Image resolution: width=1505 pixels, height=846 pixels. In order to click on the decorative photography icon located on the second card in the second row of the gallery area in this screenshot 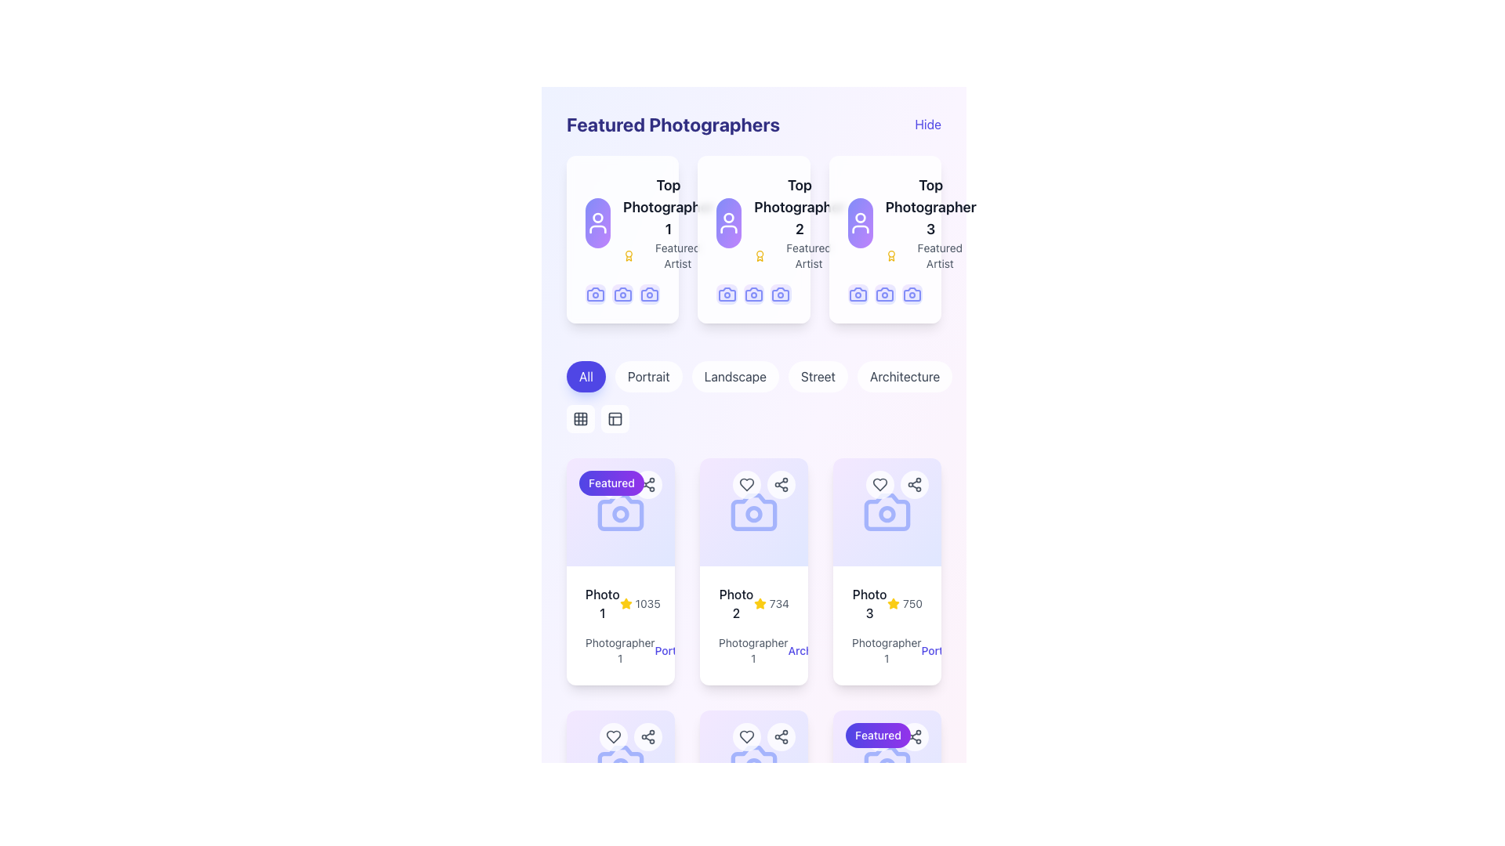, I will do `click(753, 512)`.